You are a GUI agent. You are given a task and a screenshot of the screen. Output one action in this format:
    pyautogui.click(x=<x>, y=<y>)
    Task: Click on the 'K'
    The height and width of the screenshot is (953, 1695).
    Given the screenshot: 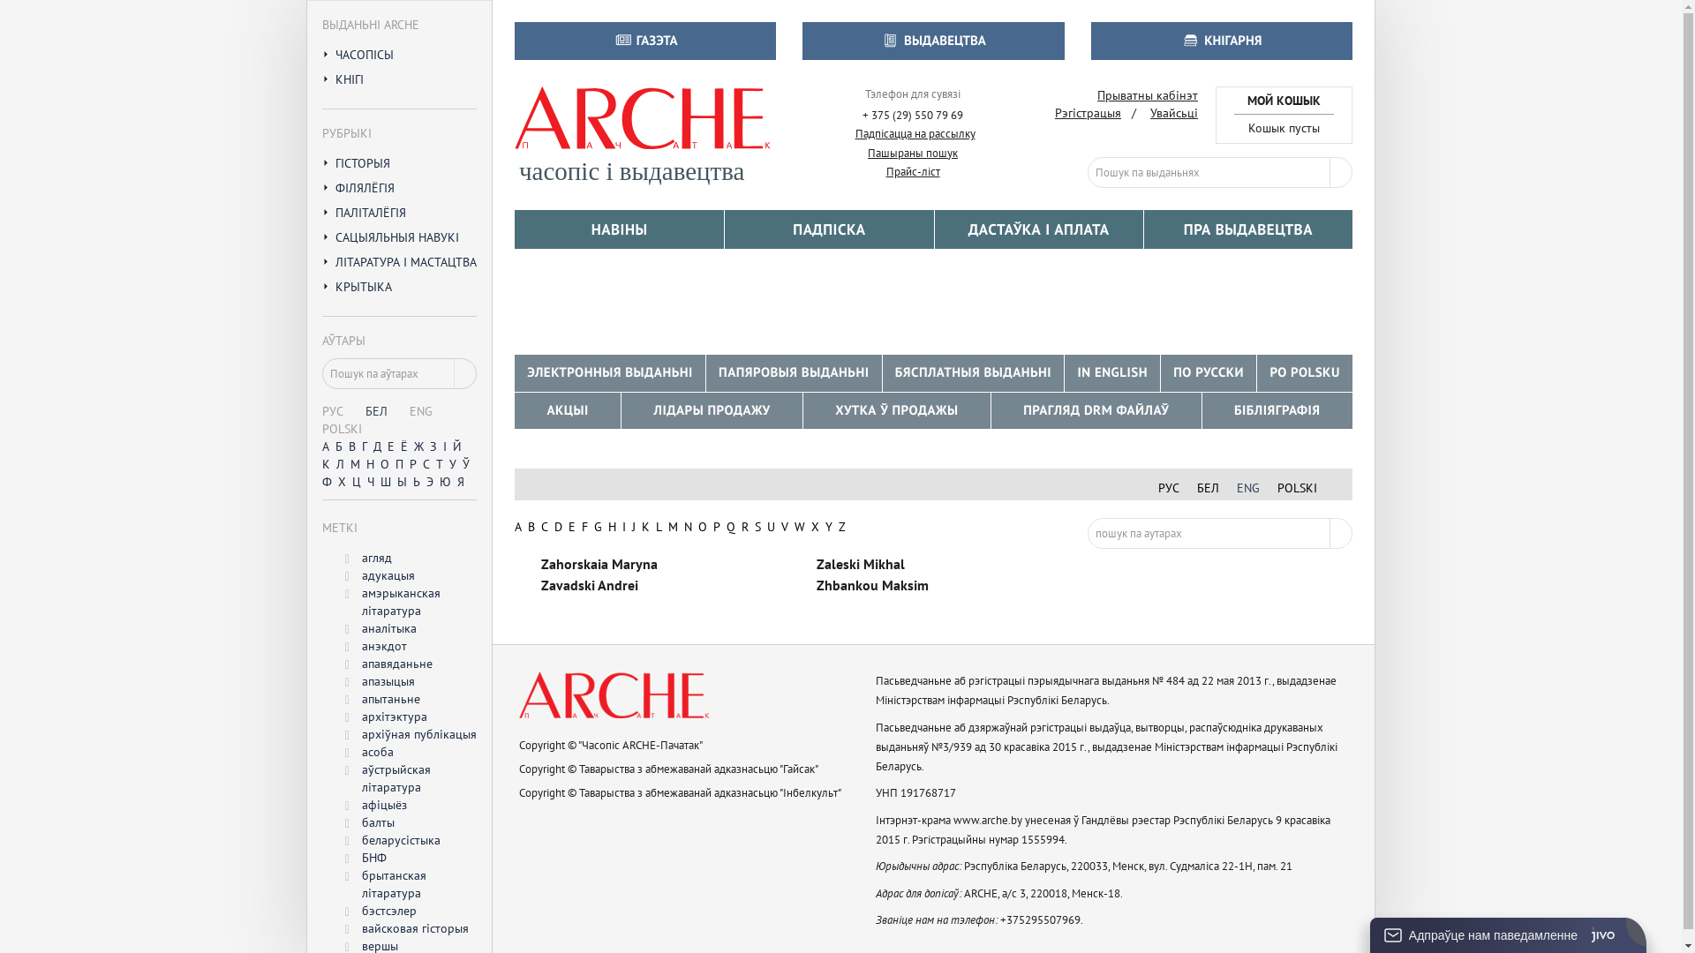 What is the action you would take?
    pyautogui.click(x=644, y=526)
    